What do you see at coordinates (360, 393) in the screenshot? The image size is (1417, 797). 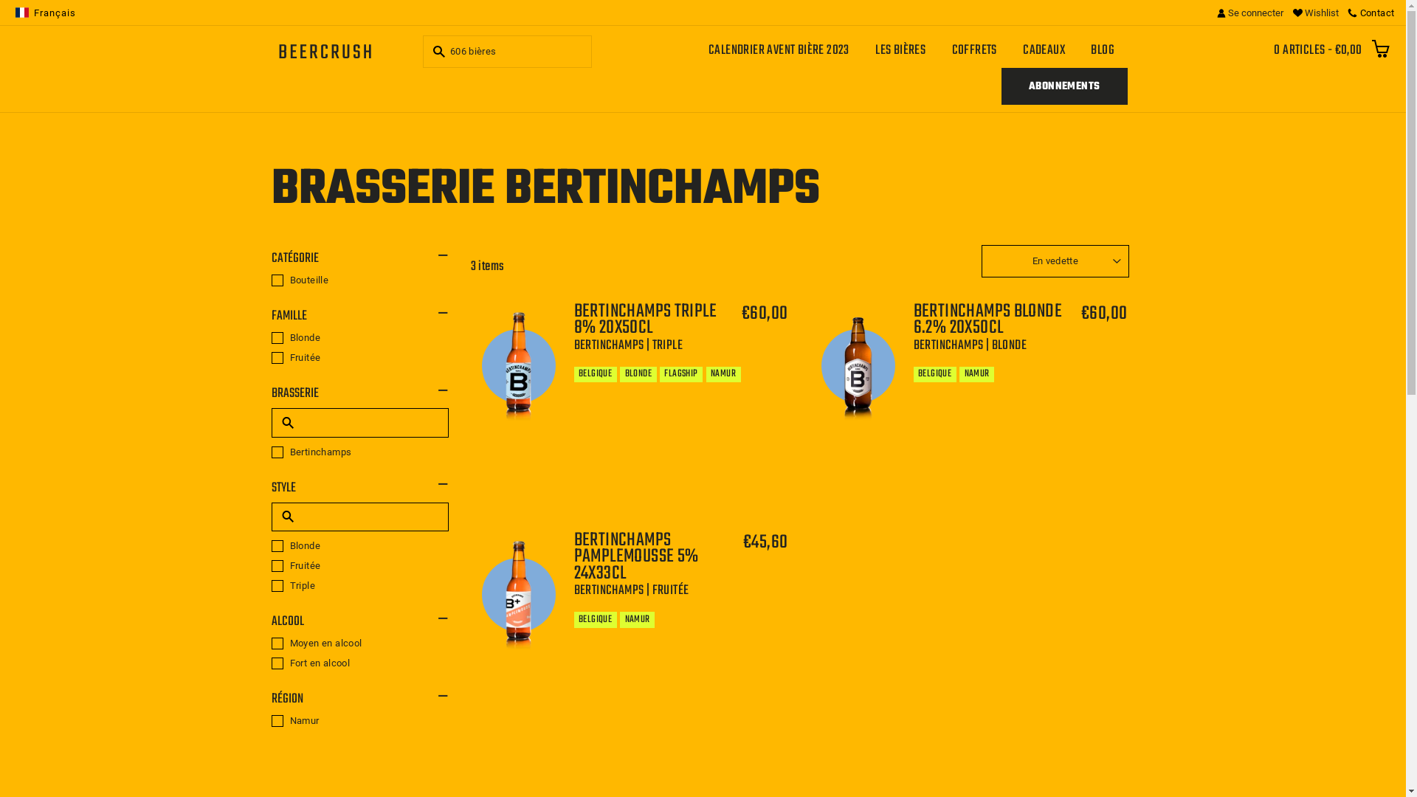 I see `'BRASSERIE'` at bounding box center [360, 393].